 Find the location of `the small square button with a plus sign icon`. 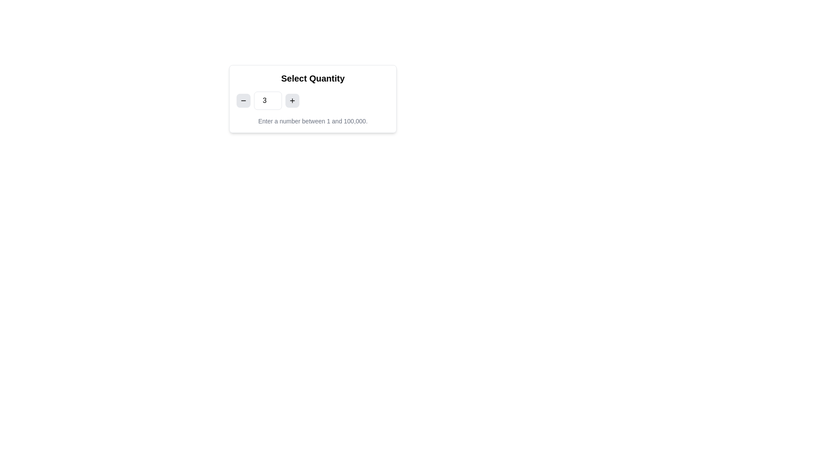

the small square button with a plus sign icon is located at coordinates (292, 100).